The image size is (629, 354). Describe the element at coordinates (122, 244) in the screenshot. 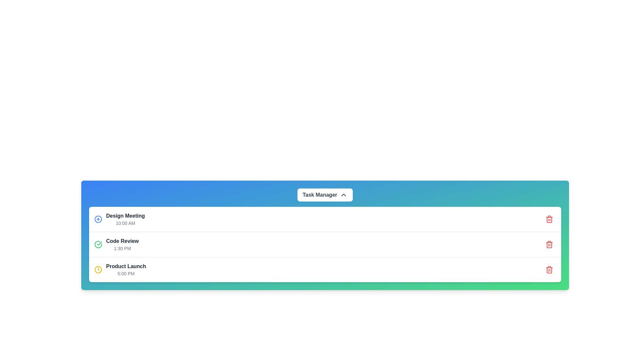

I see `the 'Code Review' text display element, which shows the time '1:30 PM' and is positioned in the middle of a task manager interface, between 'Design Meeting' and 'Product Launch'` at that location.